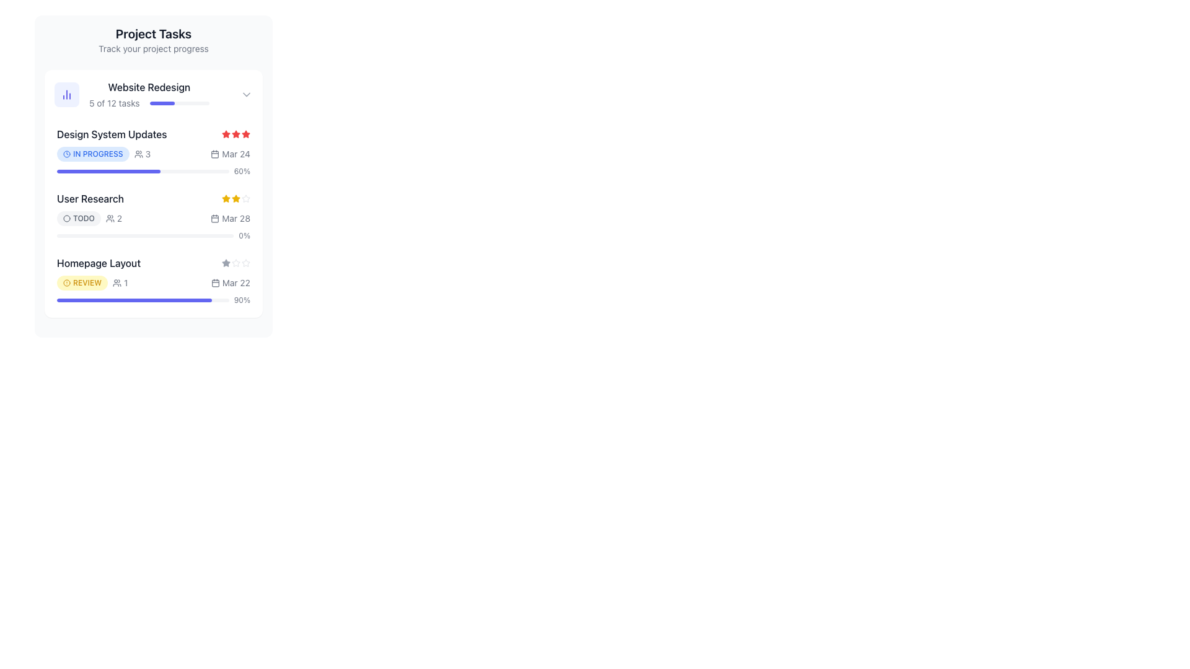 The height and width of the screenshot is (669, 1190). Describe the element at coordinates (138, 154) in the screenshot. I see `the user icon that represents the count of users involved in the 'Design System Updates' section of the task list, located to the left of the user count number` at that location.